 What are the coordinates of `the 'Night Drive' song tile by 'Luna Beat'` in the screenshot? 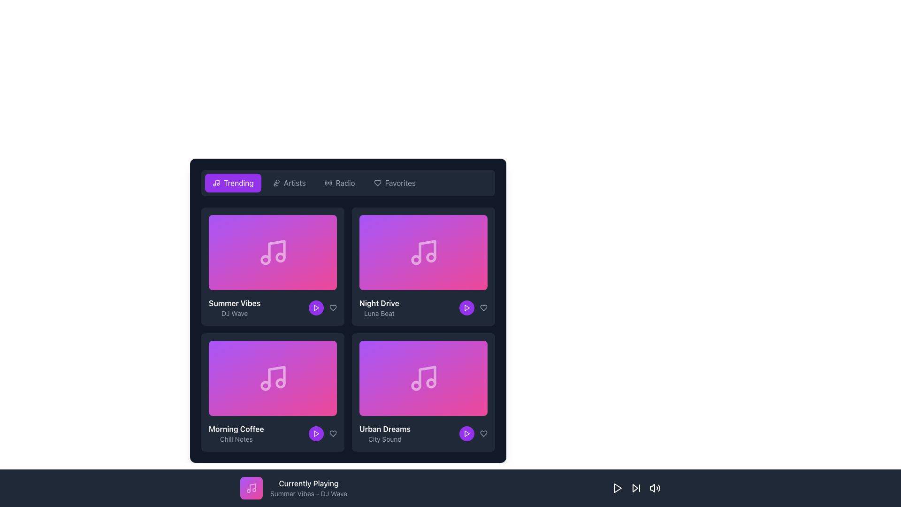 It's located at (423, 252).